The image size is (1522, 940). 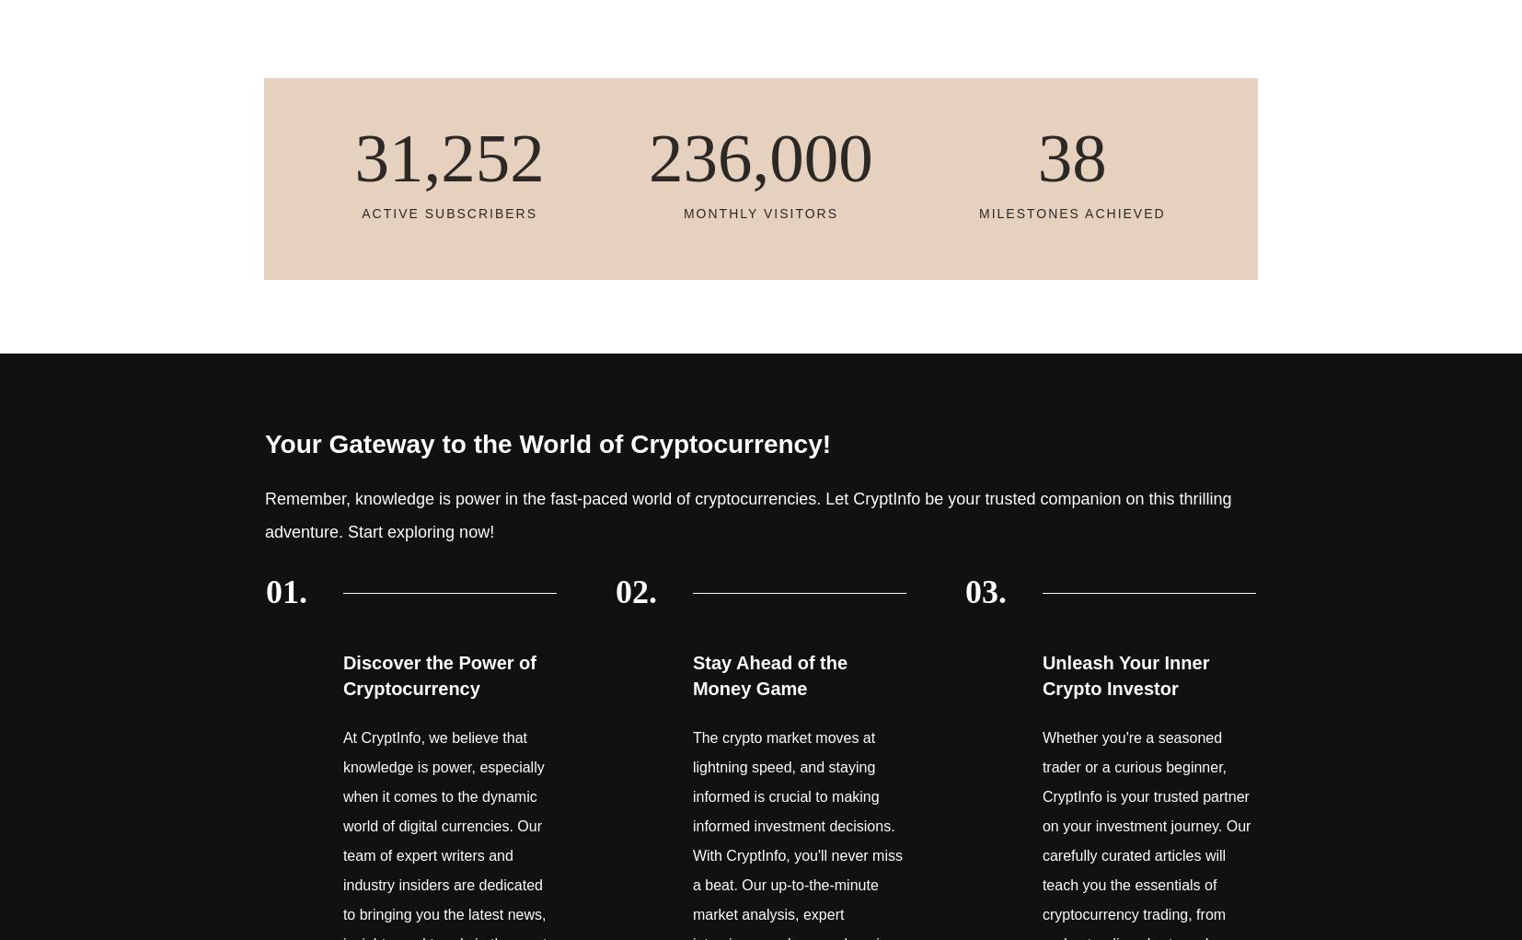 I want to click on '31,252', so click(x=448, y=157).